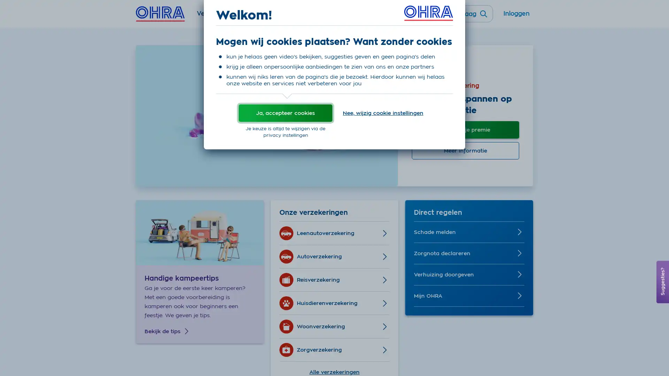 Image resolution: width=669 pixels, height=376 pixels. I want to click on Inloggen, so click(516, 17).